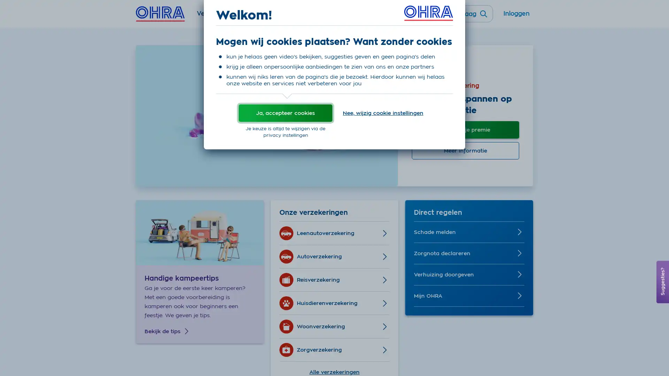 Image resolution: width=669 pixels, height=376 pixels. I want to click on Inloggen, so click(516, 17).